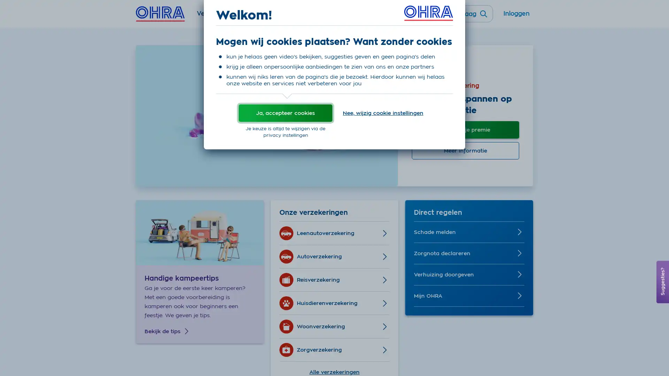 Image resolution: width=669 pixels, height=376 pixels. I want to click on Inloggen, so click(516, 17).